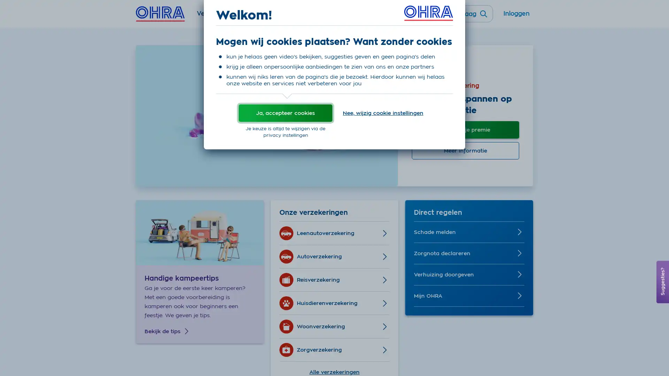 Image resolution: width=669 pixels, height=376 pixels. I want to click on Inloggen, so click(516, 17).